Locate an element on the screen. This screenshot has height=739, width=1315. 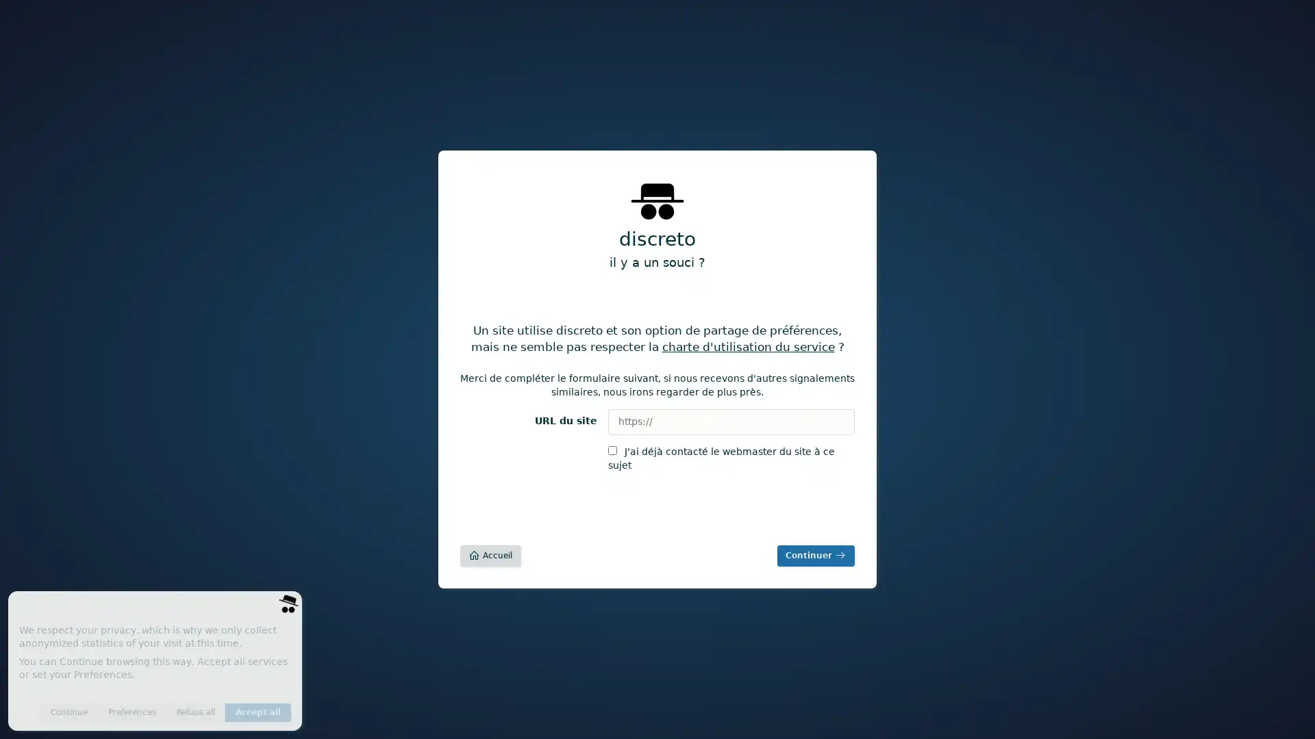
Save is located at coordinates (269, 717).